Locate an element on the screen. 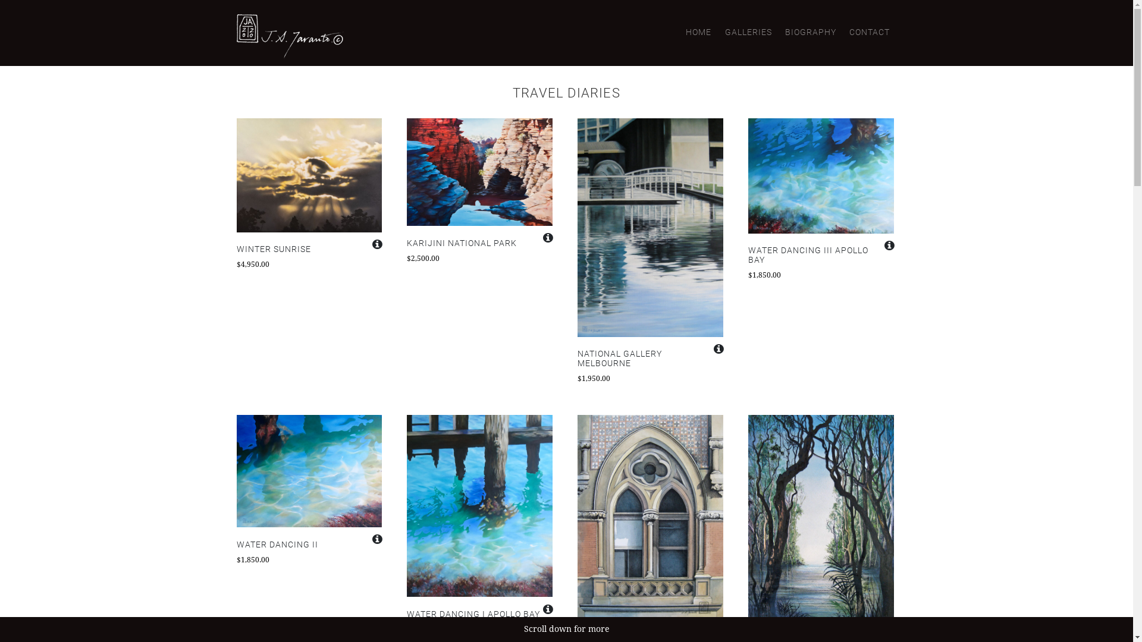 The height and width of the screenshot is (642, 1142). 'WINTER SUNRISE' is located at coordinates (309, 249).